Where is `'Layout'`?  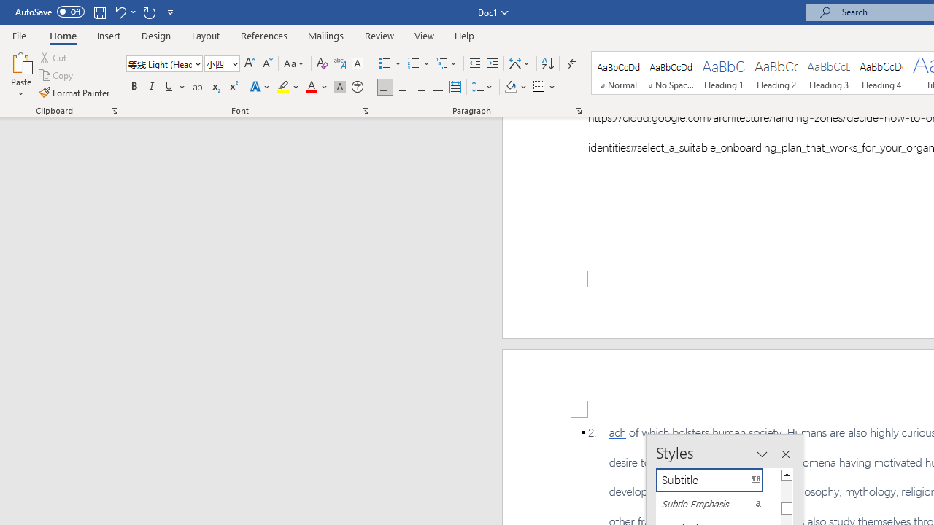 'Layout' is located at coordinates (205, 35).